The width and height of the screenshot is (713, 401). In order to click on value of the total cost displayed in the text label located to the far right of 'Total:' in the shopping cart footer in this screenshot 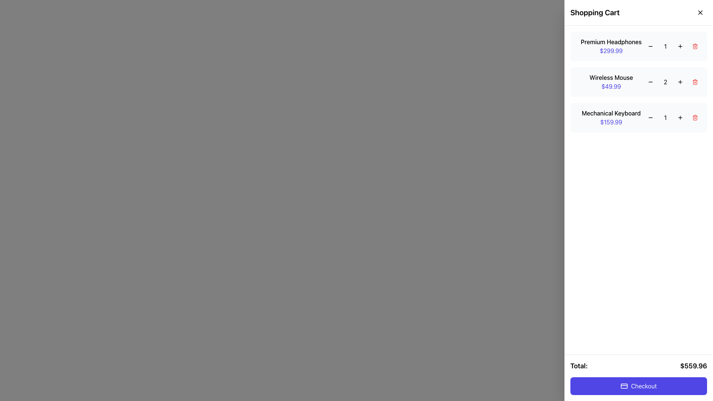, I will do `click(693, 366)`.